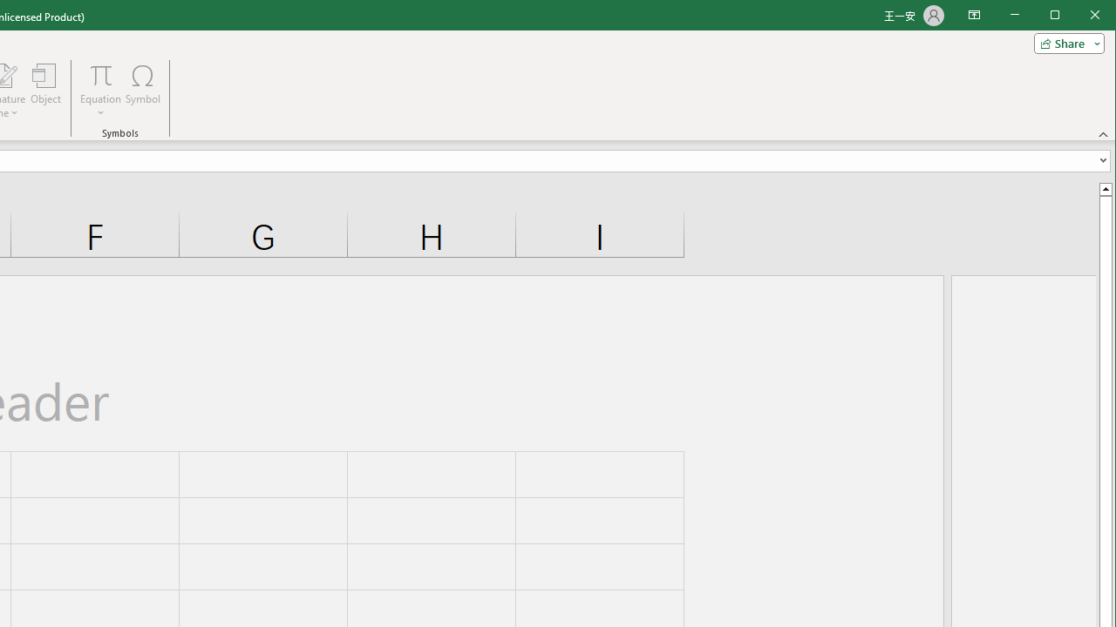 The height and width of the screenshot is (627, 1116). Describe the element at coordinates (99, 91) in the screenshot. I see `'Equation'` at that location.